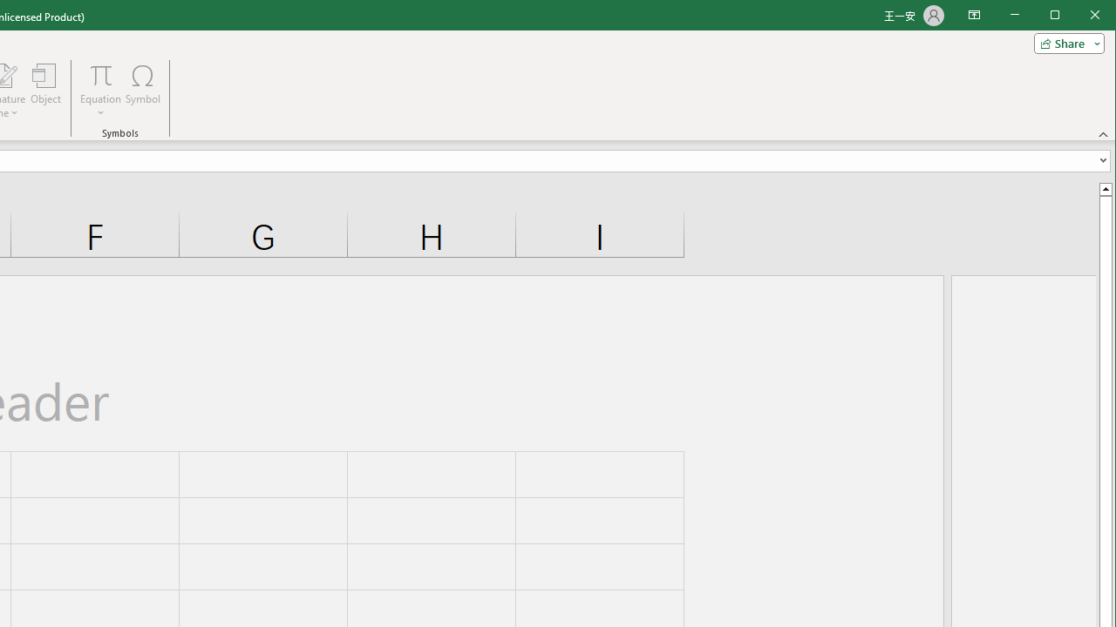 The height and width of the screenshot is (627, 1116). Describe the element at coordinates (99, 91) in the screenshot. I see `'Equation'` at that location.